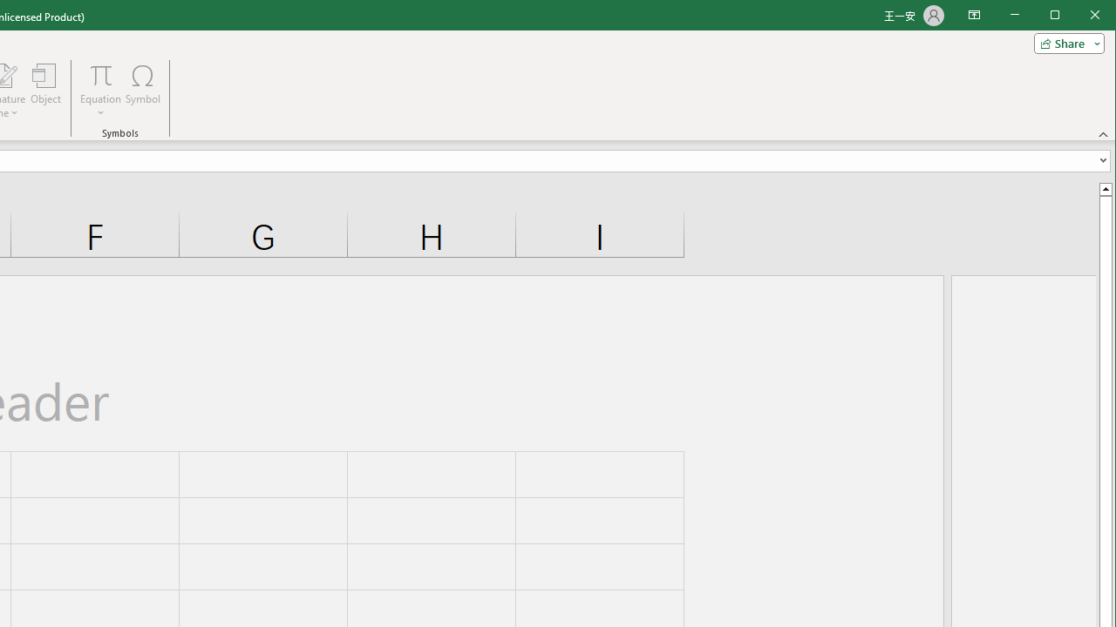 The height and width of the screenshot is (627, 1116). Describe the element at coordinates (99, 91) in the screenshot. I see `'Equation'` at that location.